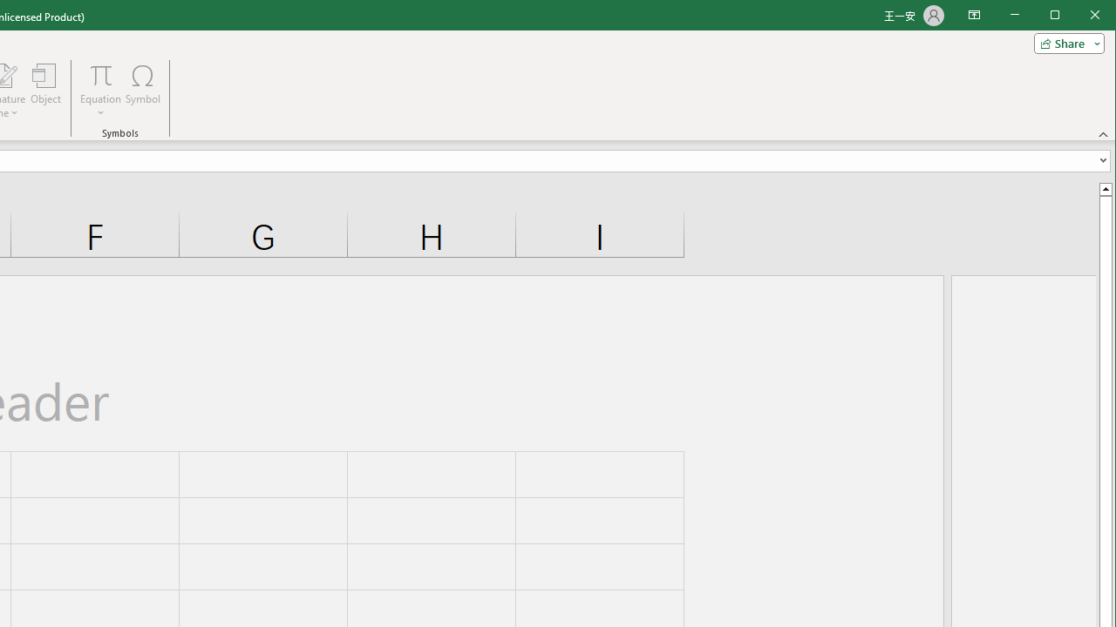 The height and width of the screenshot is (627, 1116). Describe the element at coordinates (99, 91) in the screenshot. I see `'Equation'` at that location.